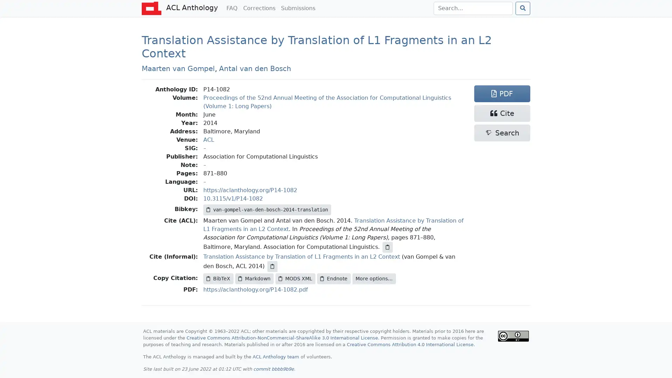 This screenshot has height=378, width=672. Describe the element at coordinates (254, 278) in the screenshot. I see `Markdown` at that location.